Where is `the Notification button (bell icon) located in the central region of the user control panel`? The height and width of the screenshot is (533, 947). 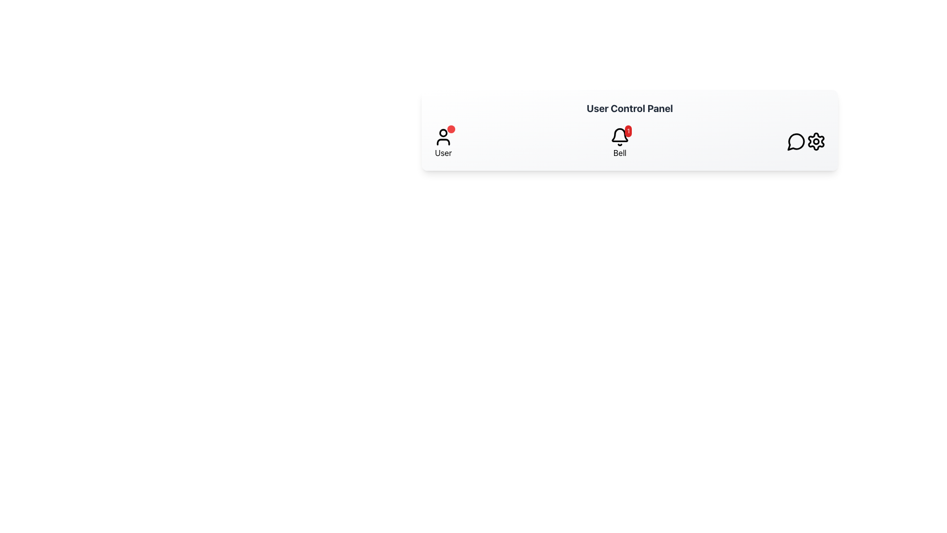
the Notification button (bell icon) located in the central region of the user control panel is located at coordinates (619, 143).